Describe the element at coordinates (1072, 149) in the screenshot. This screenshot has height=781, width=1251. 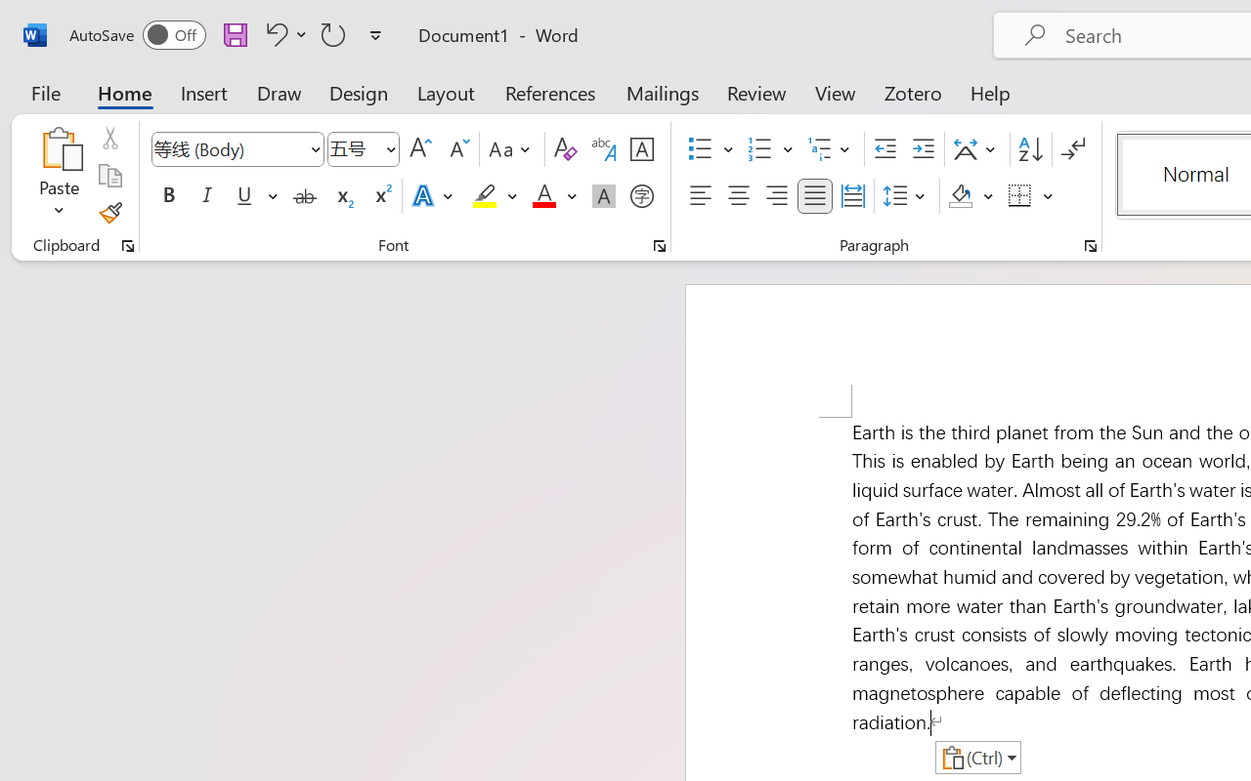
I see `'Show/Hide Editing Marks'` at that location.